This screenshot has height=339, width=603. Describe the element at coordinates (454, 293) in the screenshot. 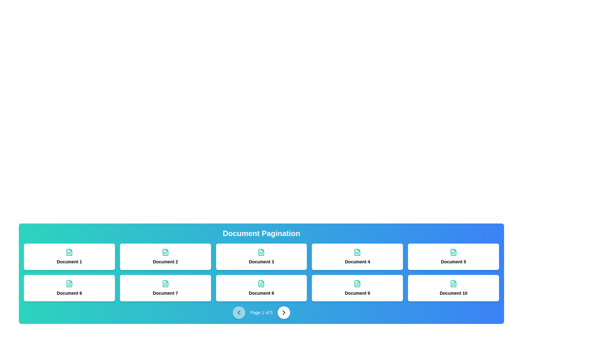

I see `the text label that identifies the document title within the last card of the second row in a grid layout` at that location.